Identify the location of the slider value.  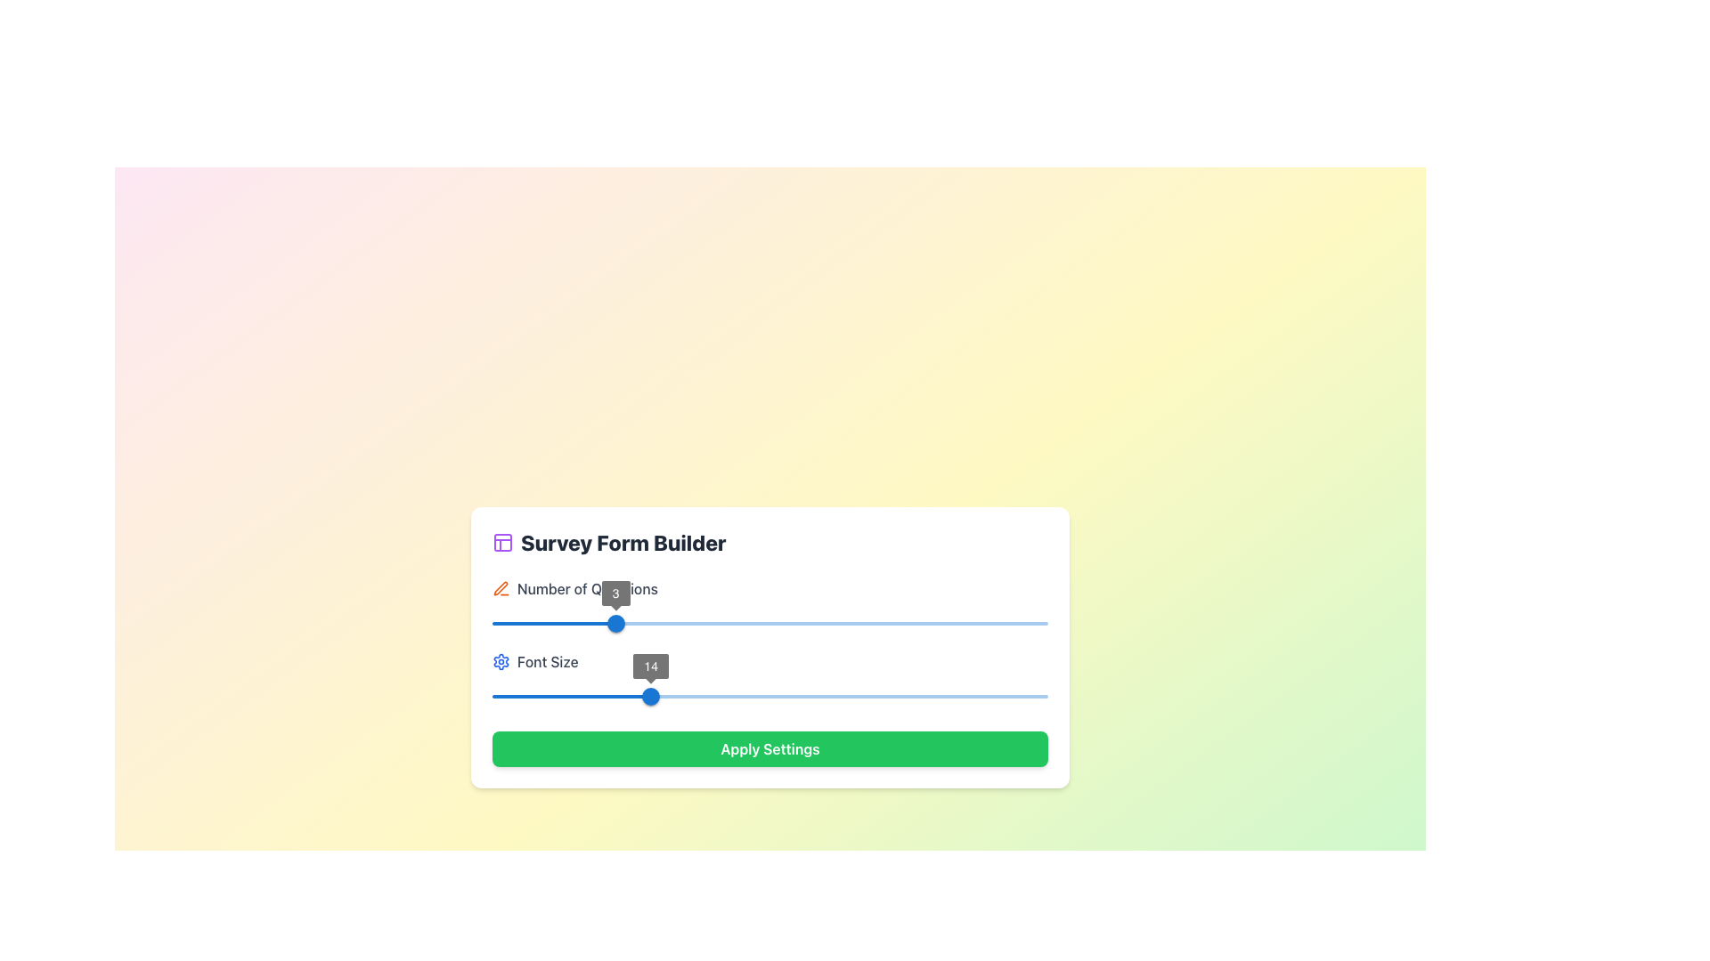
(781, 696).